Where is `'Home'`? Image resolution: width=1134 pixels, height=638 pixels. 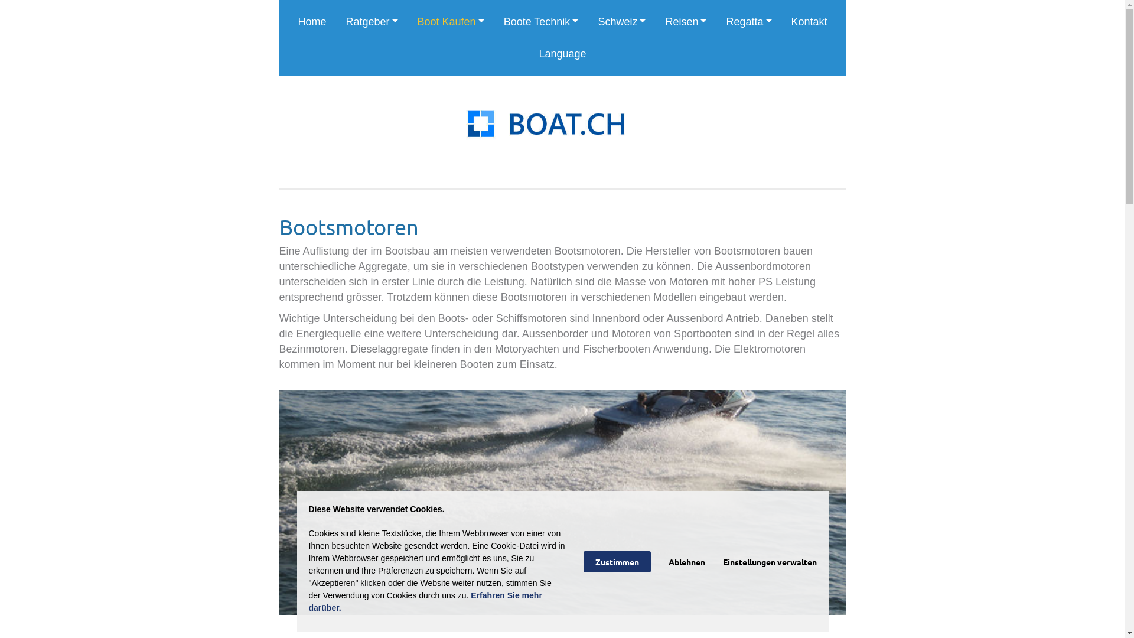
'Home' is located at coordinates (312, 22).